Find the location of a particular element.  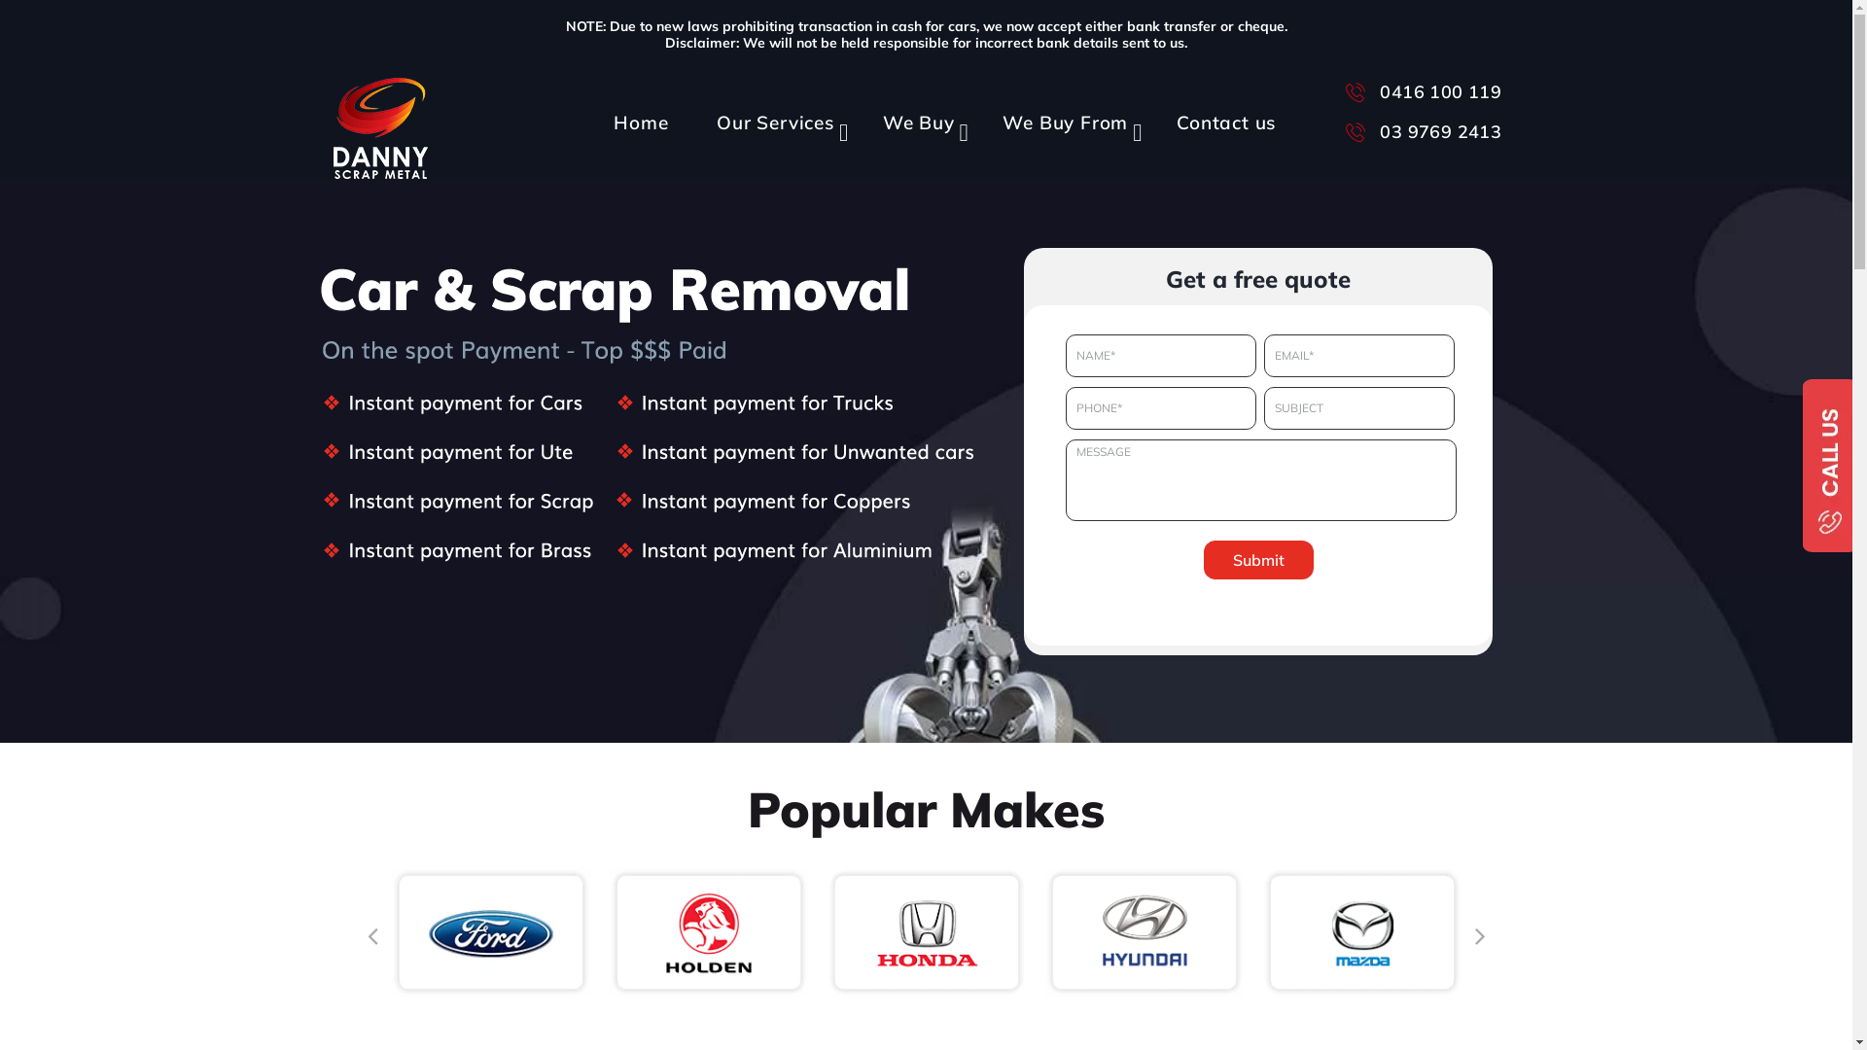

'0416 100 119' is located at coordinates (1344, 89).